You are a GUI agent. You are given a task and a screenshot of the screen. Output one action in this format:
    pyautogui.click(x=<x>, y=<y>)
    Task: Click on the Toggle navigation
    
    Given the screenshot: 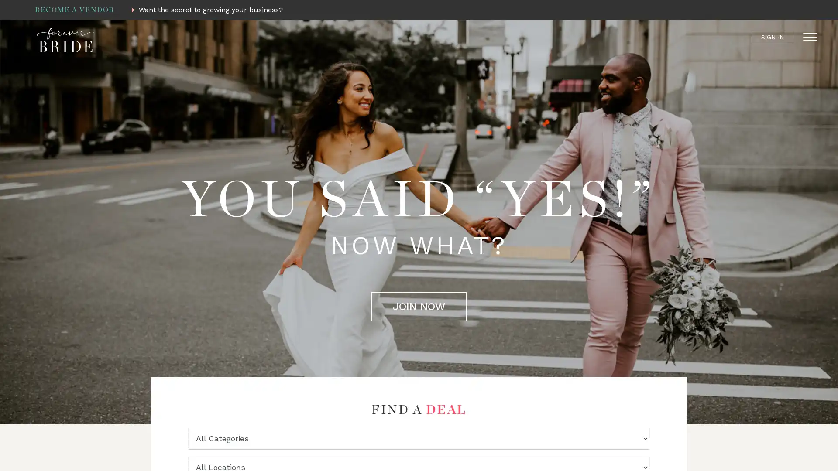 What is the action you would take?
    pyautogui.click(x=810, y=36)
    